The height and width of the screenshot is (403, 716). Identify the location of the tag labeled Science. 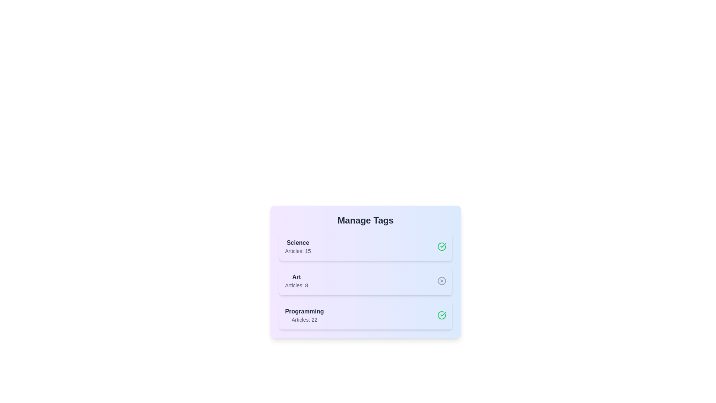
(365, 246).